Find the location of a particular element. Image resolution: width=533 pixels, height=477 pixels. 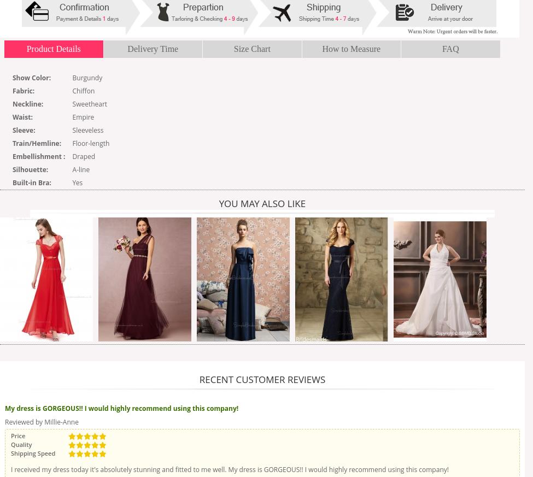

'Millie-Anne' is located at coordinates (61, 421).